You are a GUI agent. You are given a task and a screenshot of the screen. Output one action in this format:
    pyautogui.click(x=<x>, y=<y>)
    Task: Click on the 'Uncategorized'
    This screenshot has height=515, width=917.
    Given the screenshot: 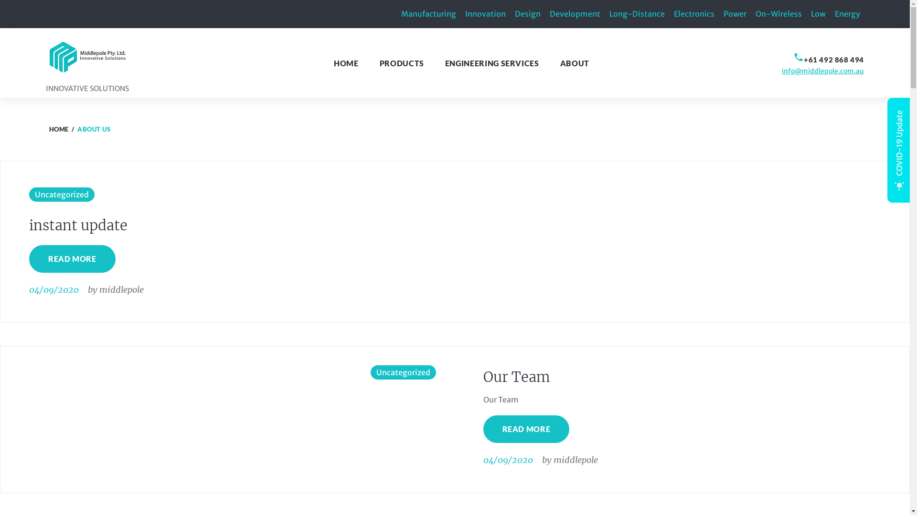 What is the action you would take?
    pyautogui.click(x=403, y=371)
    